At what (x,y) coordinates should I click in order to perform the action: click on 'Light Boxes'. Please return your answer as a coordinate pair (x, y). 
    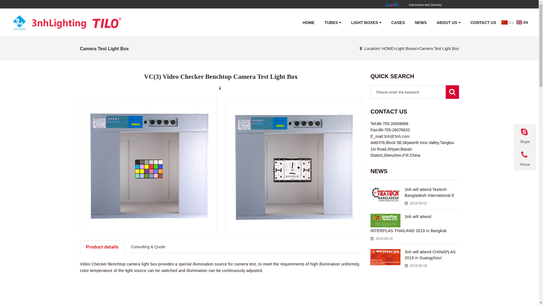
    Looking at the image, I should click on (406, 48).